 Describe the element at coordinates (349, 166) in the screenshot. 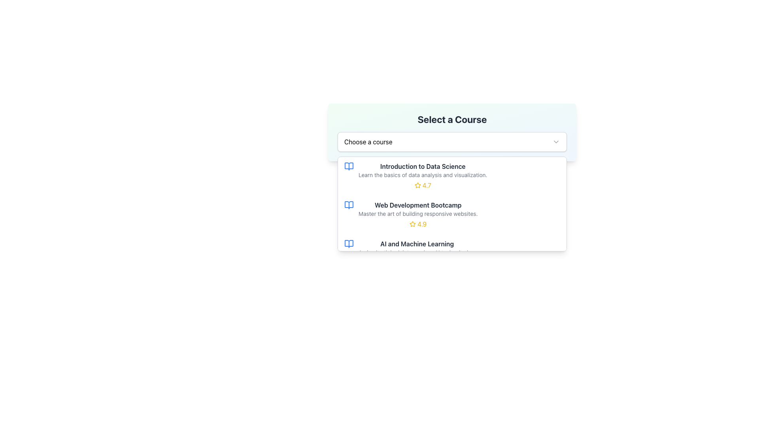

I see `the decorative icon for the 'Introduction to Data Science' course, which is the first visual element in its listing` at that location.